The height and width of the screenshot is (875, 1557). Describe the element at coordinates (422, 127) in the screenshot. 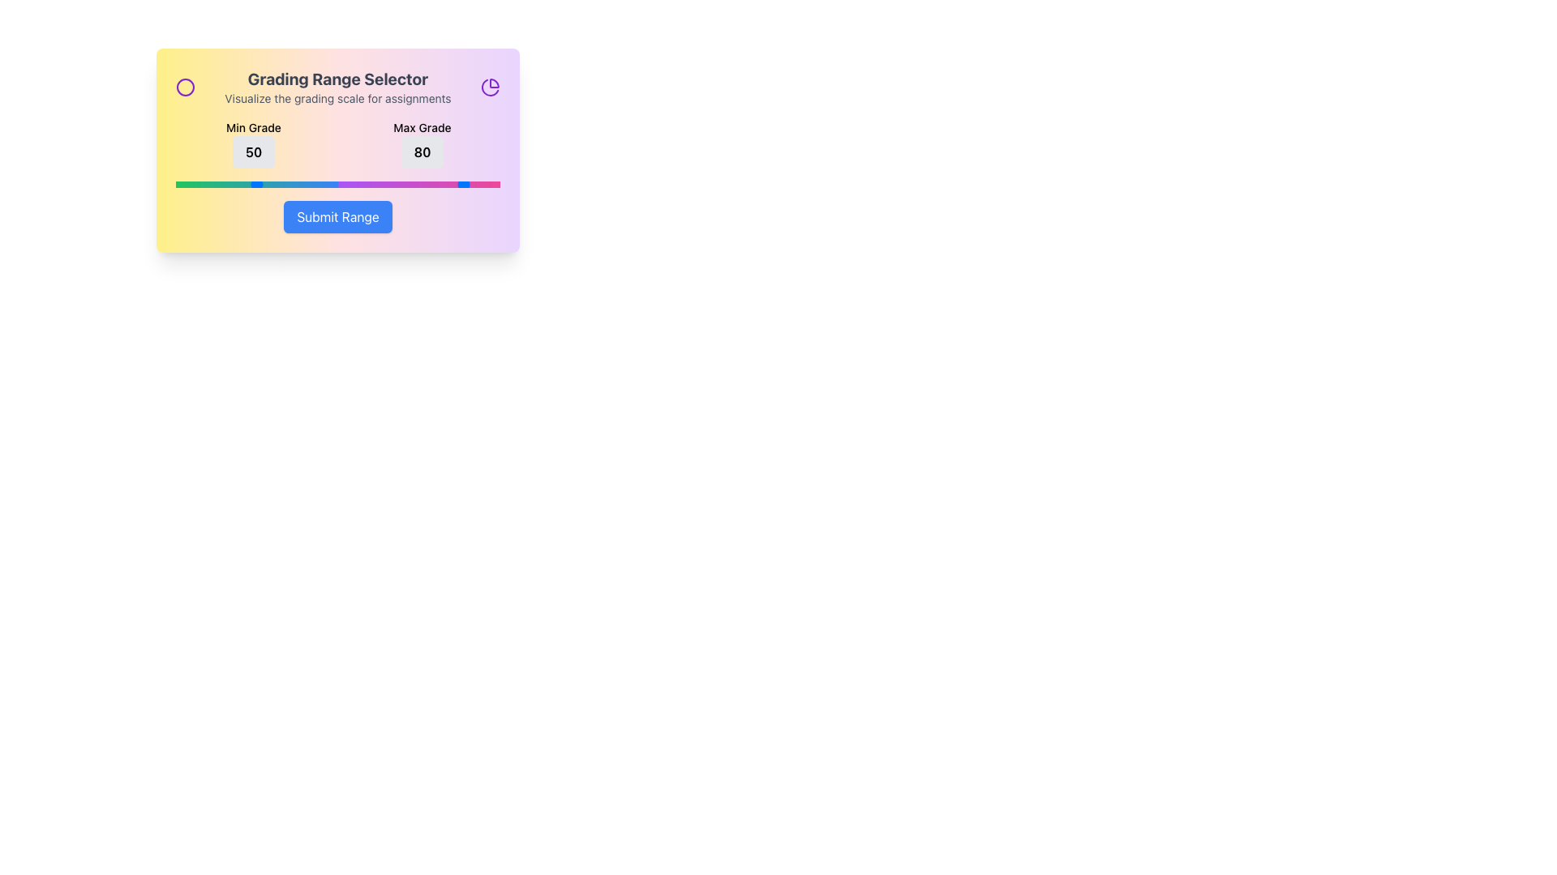

I see `the text label that describes the maximum grade setting, located in the top-right portion of the 'Grading Range Selector' interactive card, directly above the numerical box labeled '80'` at that location.